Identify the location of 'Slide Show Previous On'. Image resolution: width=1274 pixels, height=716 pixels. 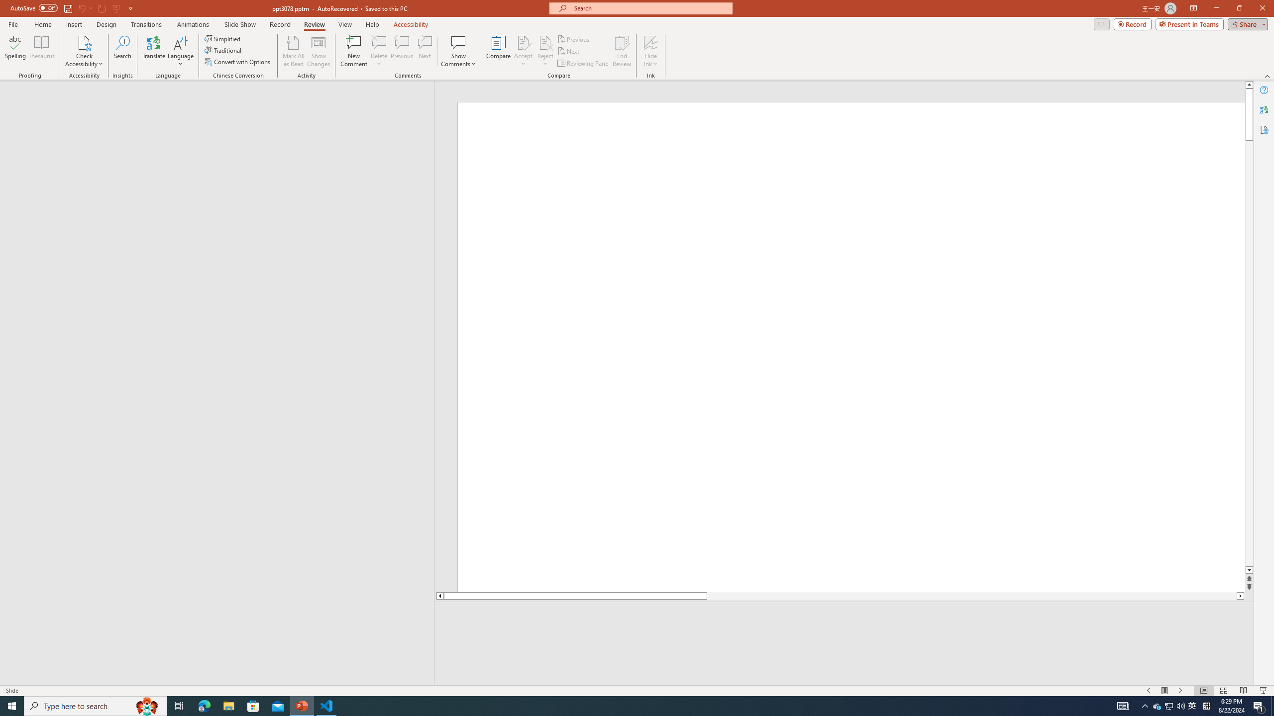
(1149, 691).